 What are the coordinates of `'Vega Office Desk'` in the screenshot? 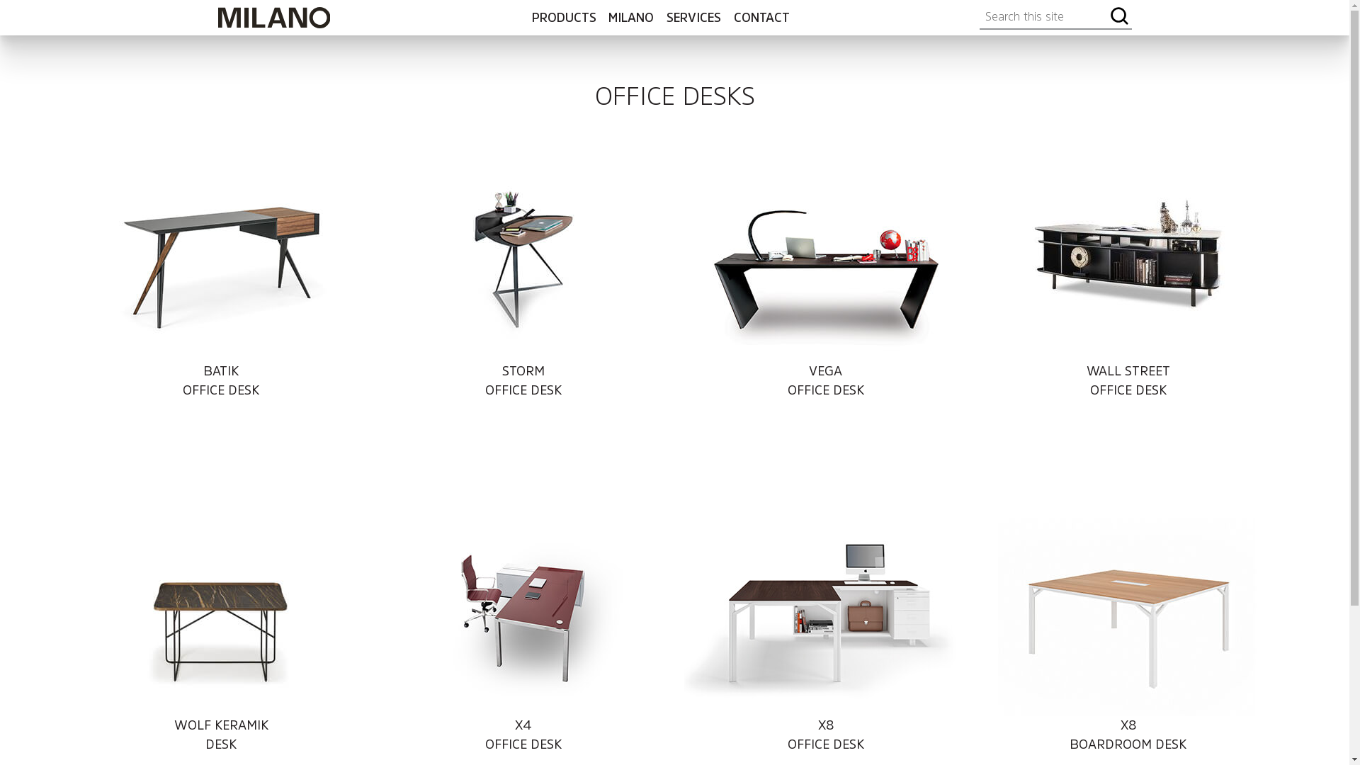 It's located at (826, 262).